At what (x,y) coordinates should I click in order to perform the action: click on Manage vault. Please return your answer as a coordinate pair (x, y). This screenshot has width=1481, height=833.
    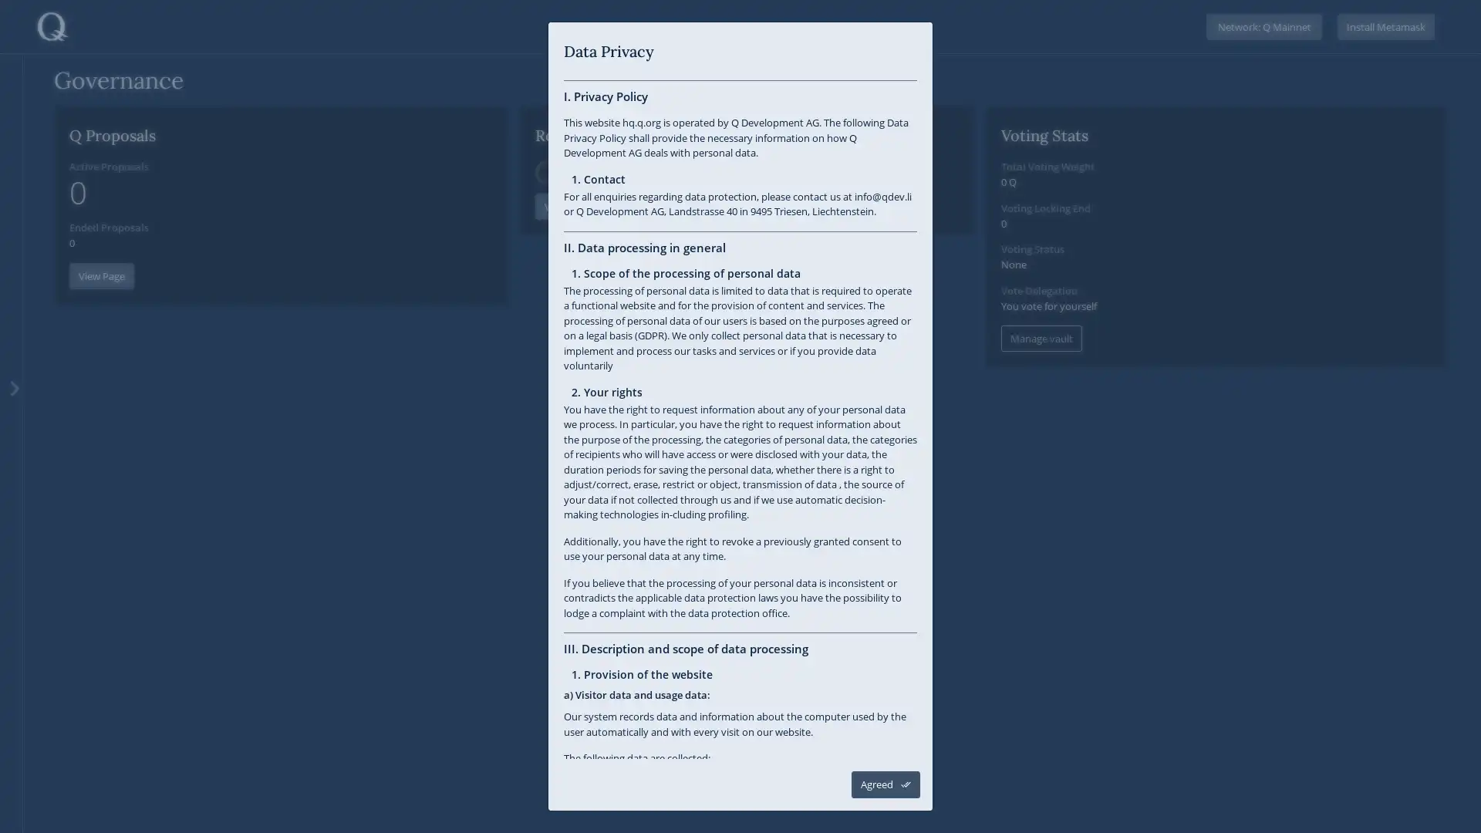
    Looking at the image, I should click on (1041, 338).